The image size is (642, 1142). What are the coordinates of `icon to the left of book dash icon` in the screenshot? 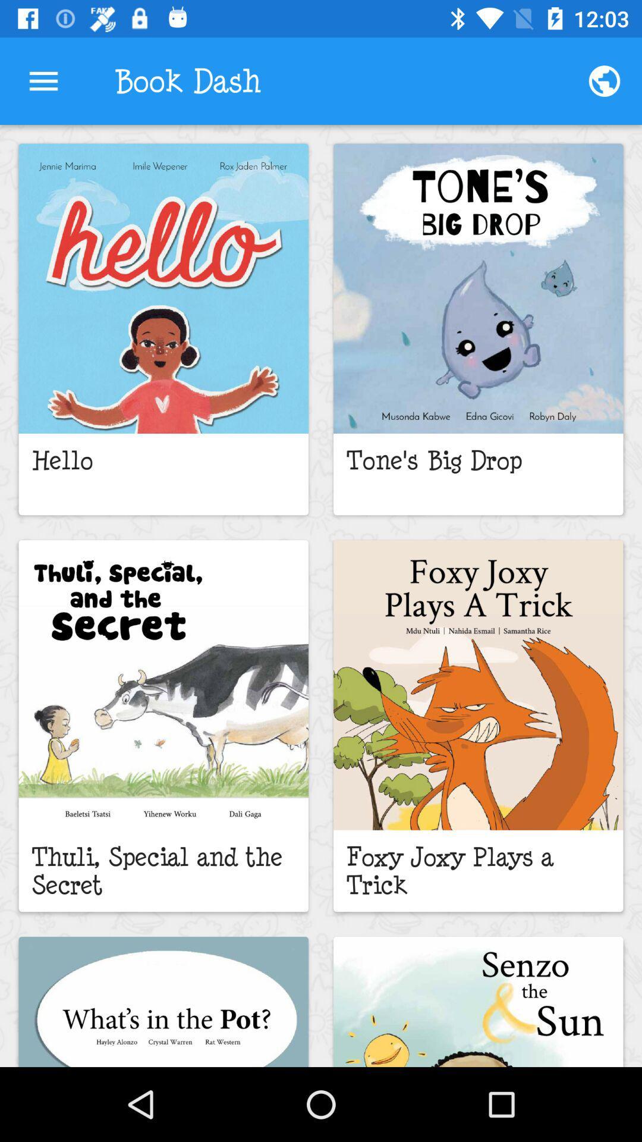 It's located at (43, 80).